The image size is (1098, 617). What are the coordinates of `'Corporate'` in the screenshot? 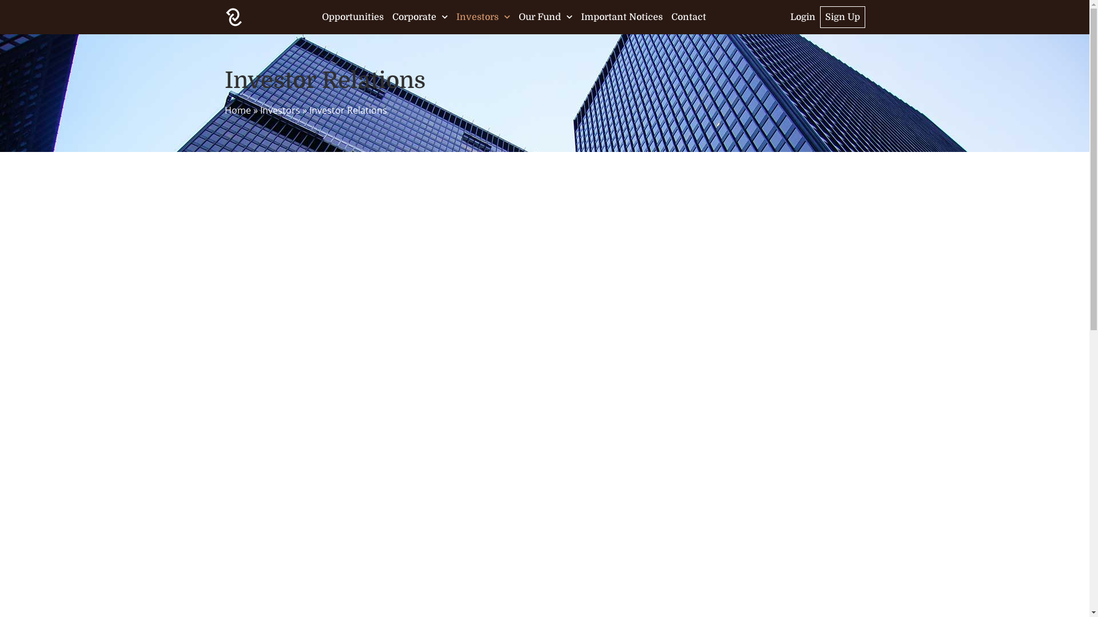 It's located at (392, 17).